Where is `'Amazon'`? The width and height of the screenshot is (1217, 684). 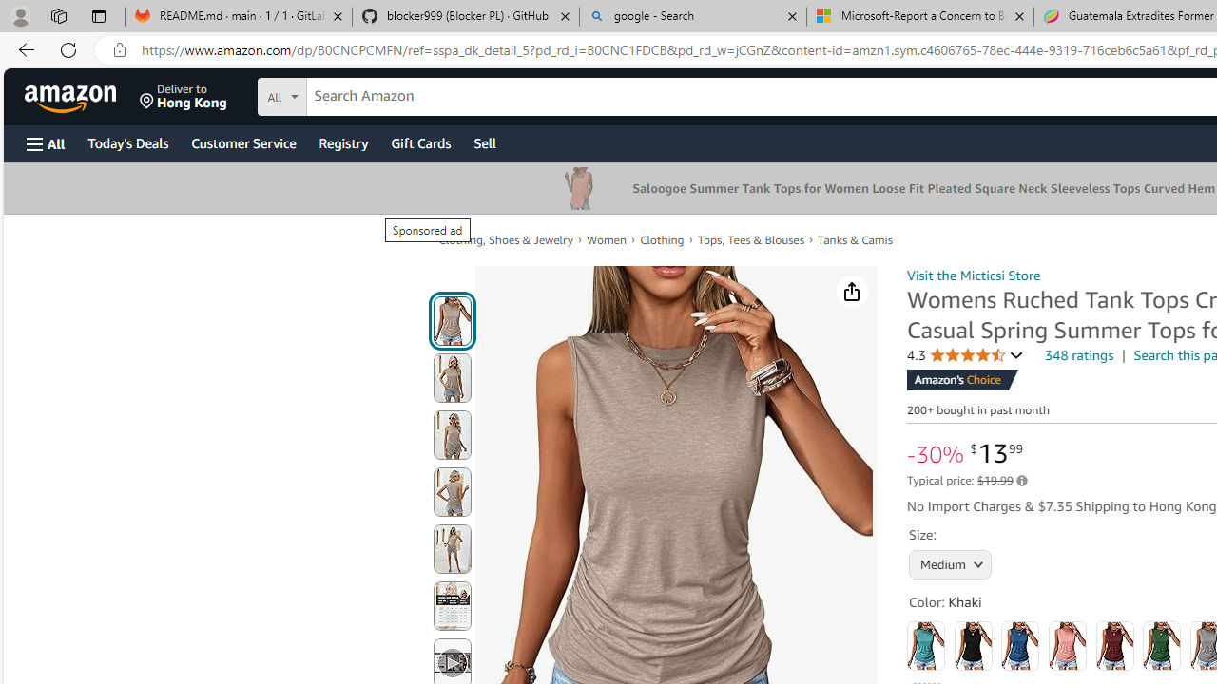 'Amazon' is located at coordinates (72, 96).